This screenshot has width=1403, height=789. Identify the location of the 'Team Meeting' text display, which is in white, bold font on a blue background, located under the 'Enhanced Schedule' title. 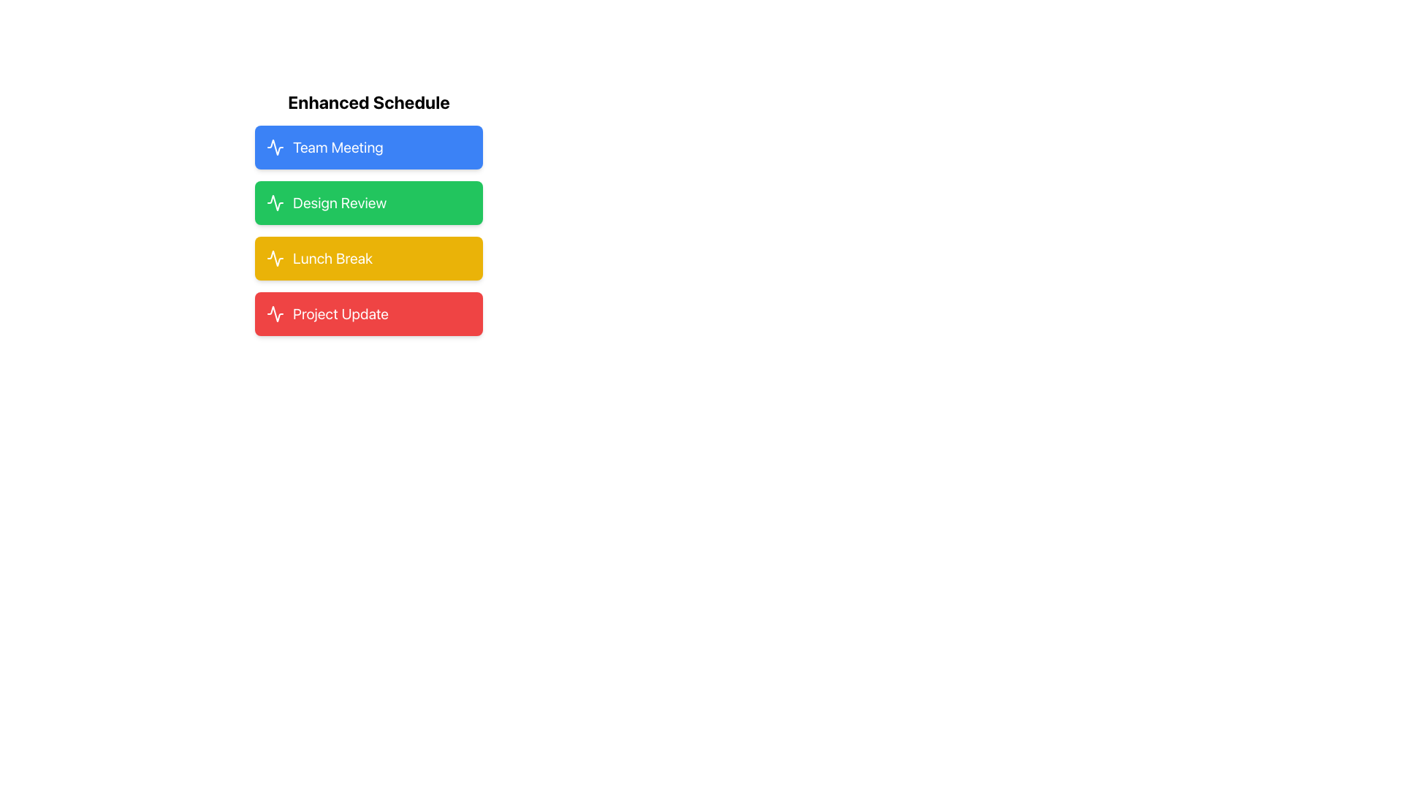
(337, 147).